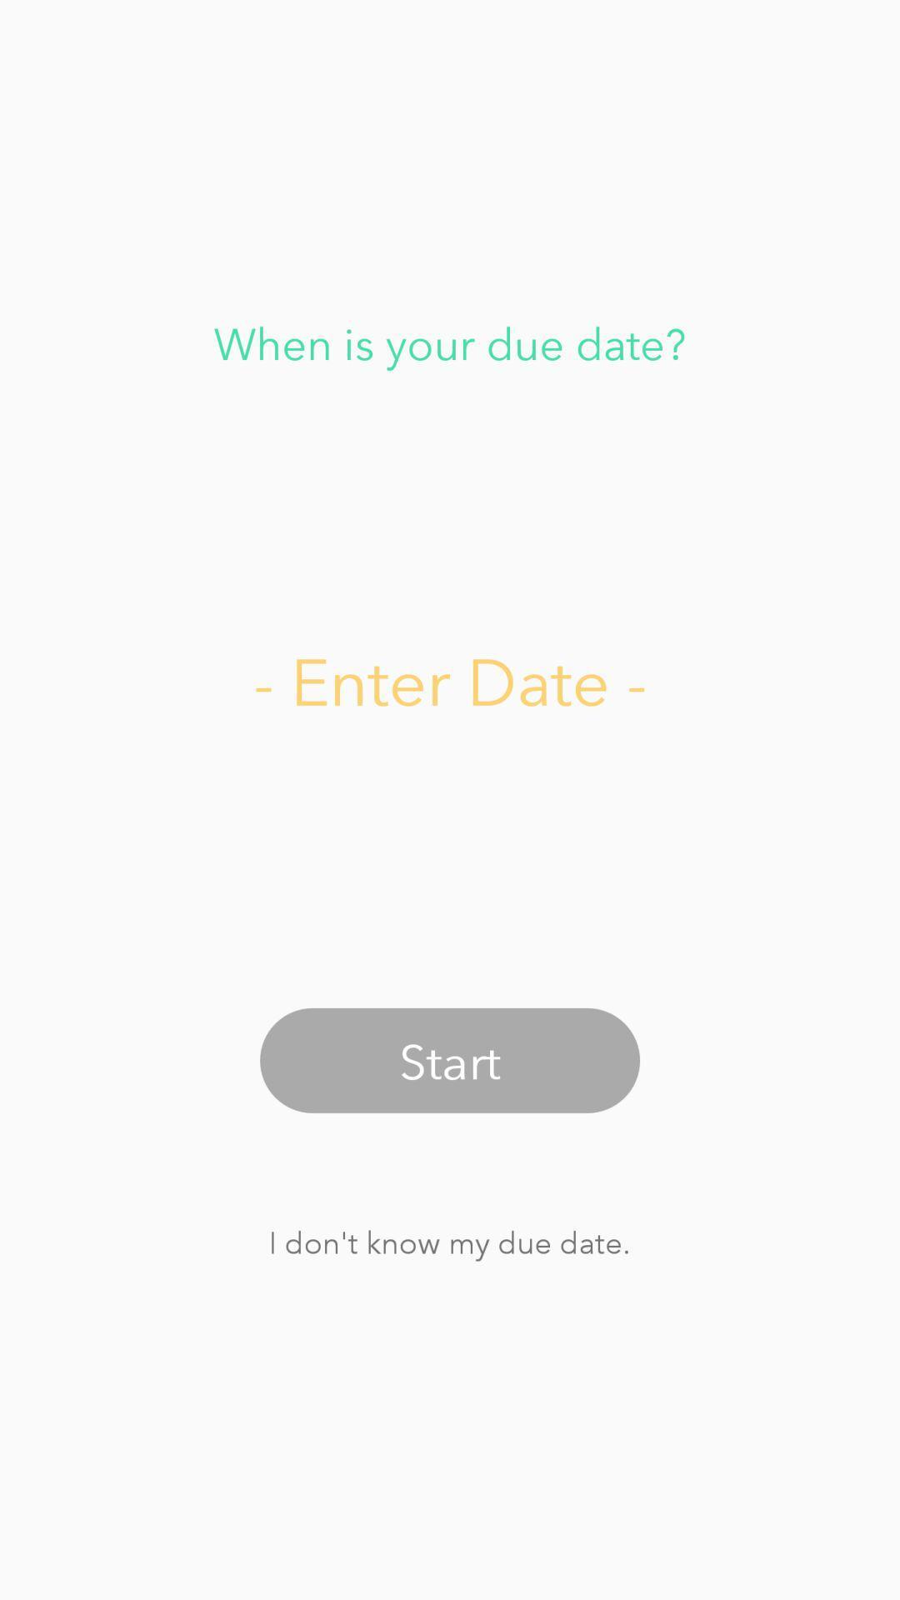 This screenshot has height=1600, width=900. What do you see at coordinates (450, 680) in the screenshot?
I see `the - enter date -` at bounding box center [450, 680].